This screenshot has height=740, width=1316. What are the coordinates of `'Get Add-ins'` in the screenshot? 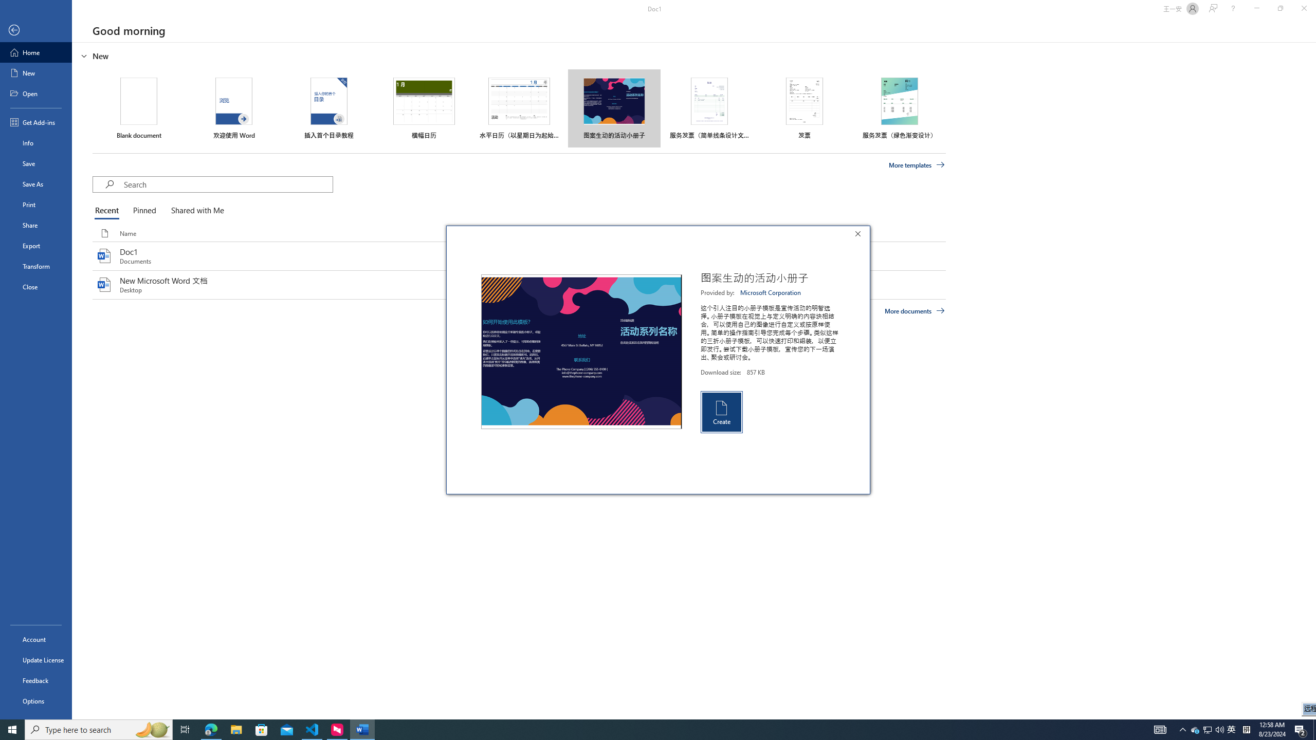 It's located at (35, 122).